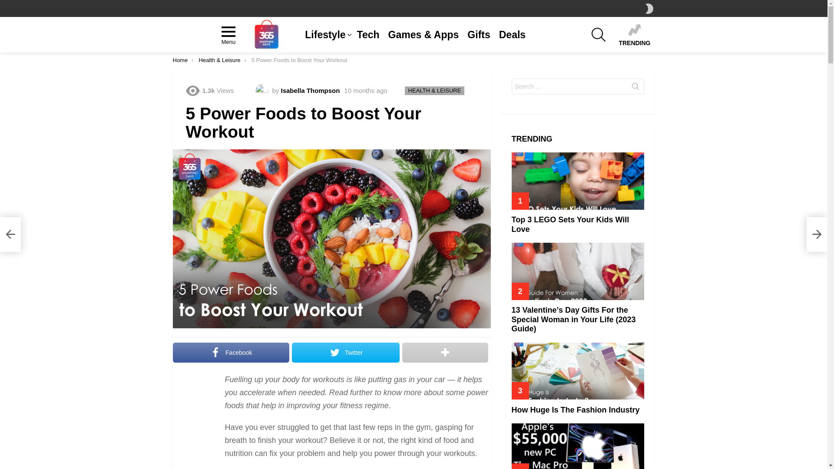  I want to click on 'HEALTH & LEISURE', so click(435, 90).